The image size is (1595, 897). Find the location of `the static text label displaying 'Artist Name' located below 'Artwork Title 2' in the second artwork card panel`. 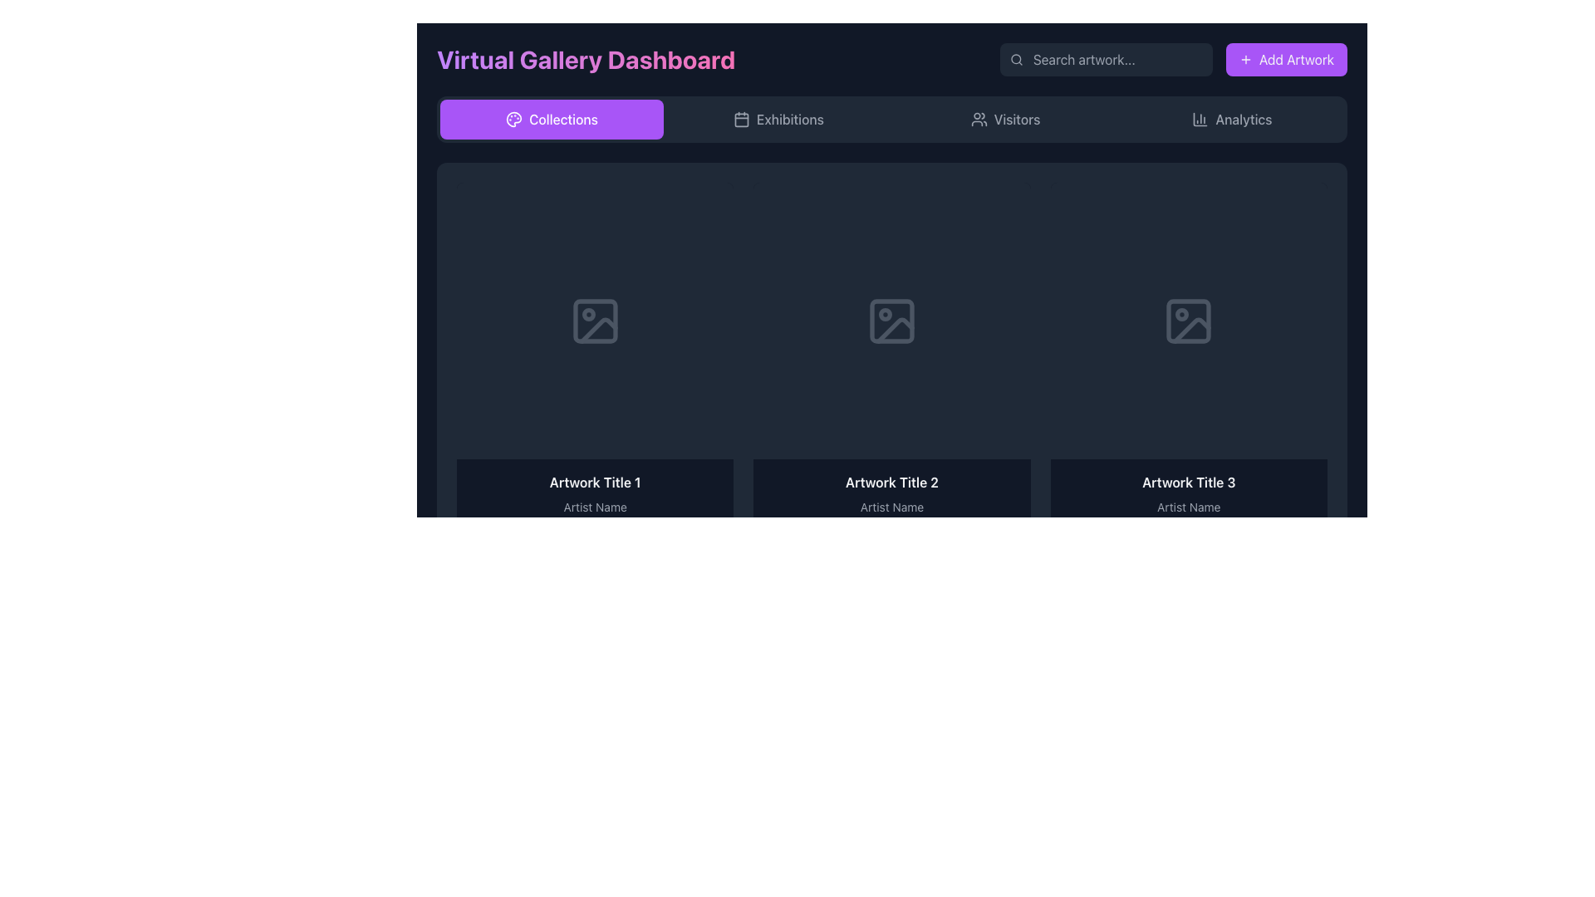

the static text label displaying 'Artist Name' located below 'Artwork Title 2' in the second artwork card panel is located at coordinates (891, 507).